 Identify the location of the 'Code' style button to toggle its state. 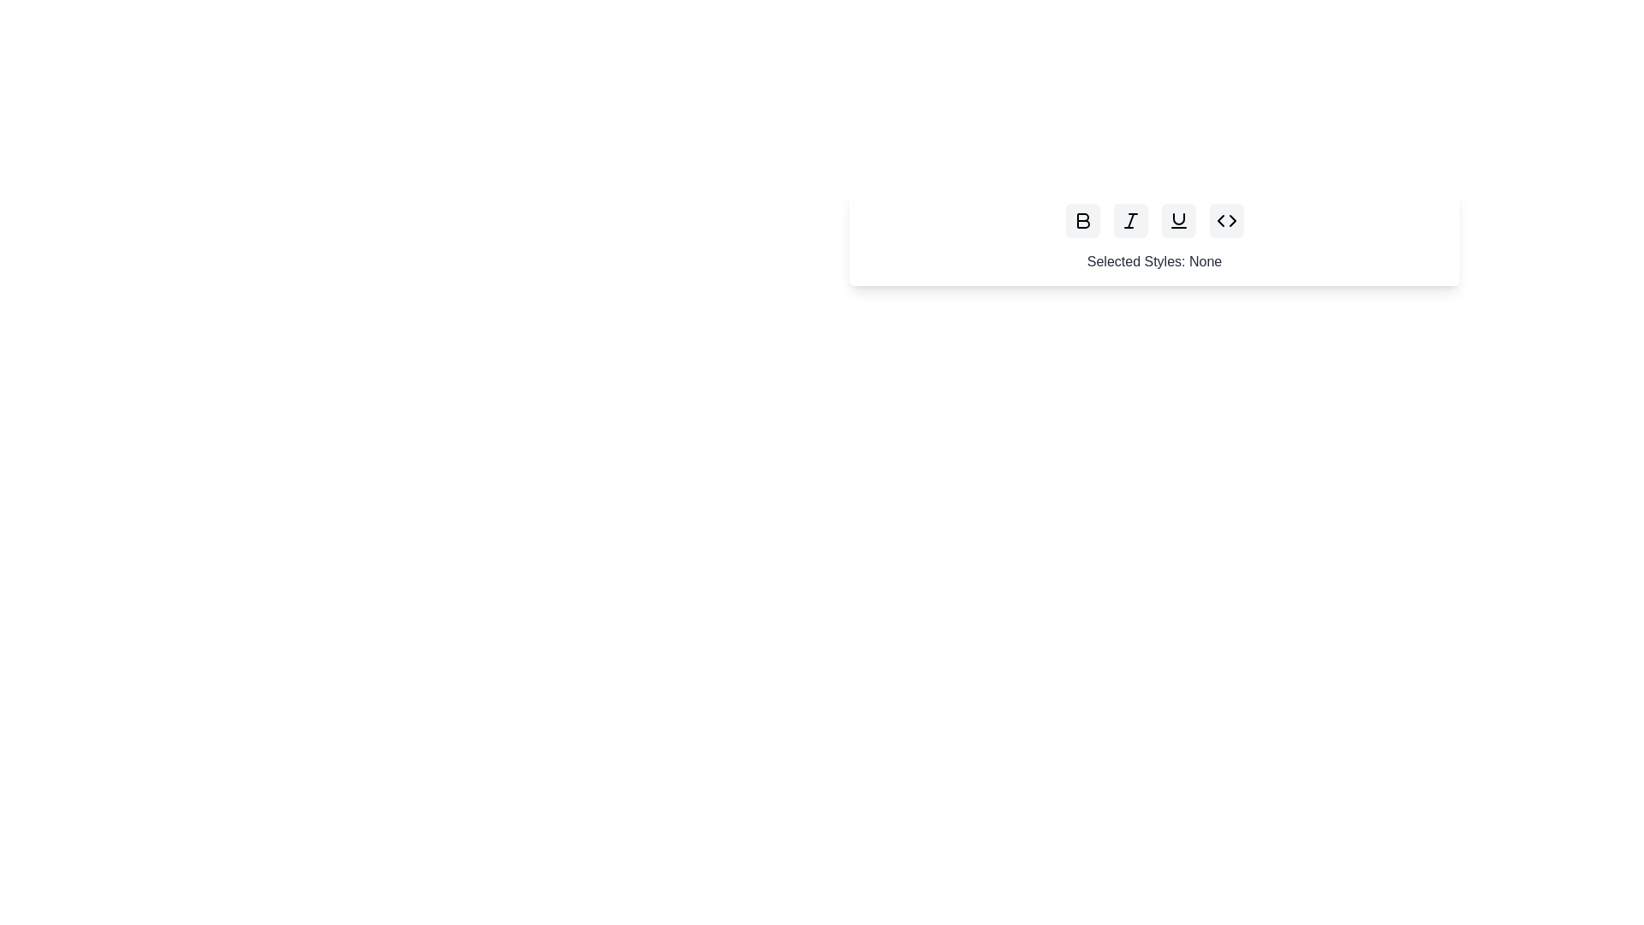
(1225, 220).